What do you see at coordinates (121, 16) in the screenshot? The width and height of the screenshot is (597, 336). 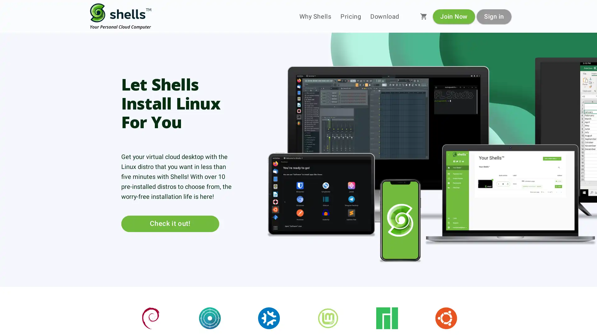 I see `Shells Logo` at bounding box center [121, 16].